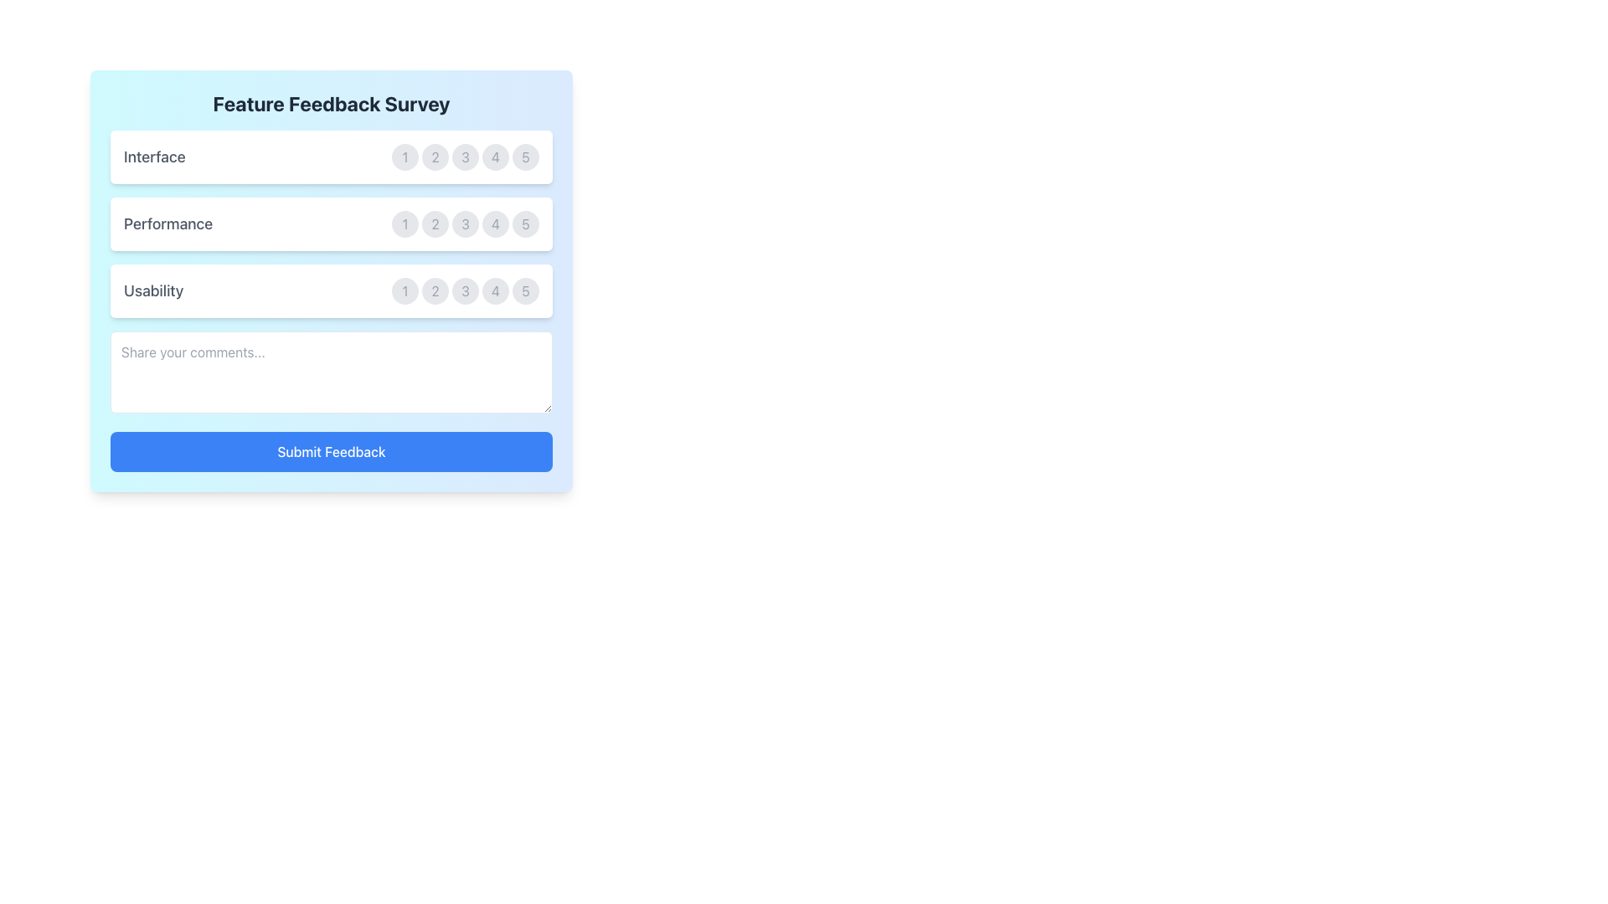 The height and width of the screenshot is (904, 1608). I want to click on the second button in the horizontal sequence of five buttons in the 'Interface' rating section of the survey, so click(435, 157).